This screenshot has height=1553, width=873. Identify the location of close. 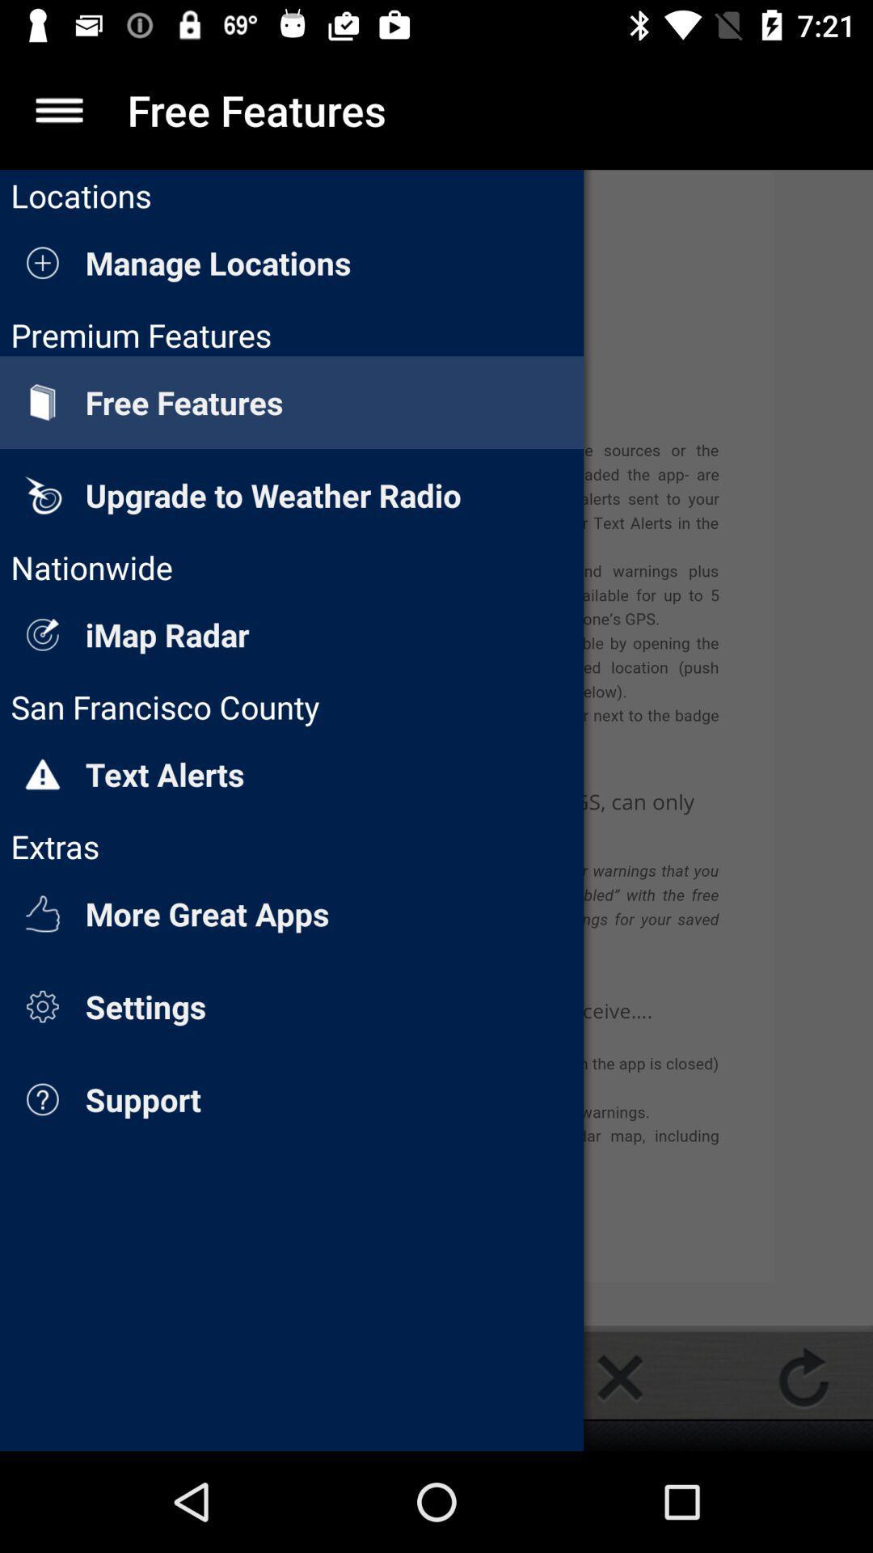
(619, 1377).